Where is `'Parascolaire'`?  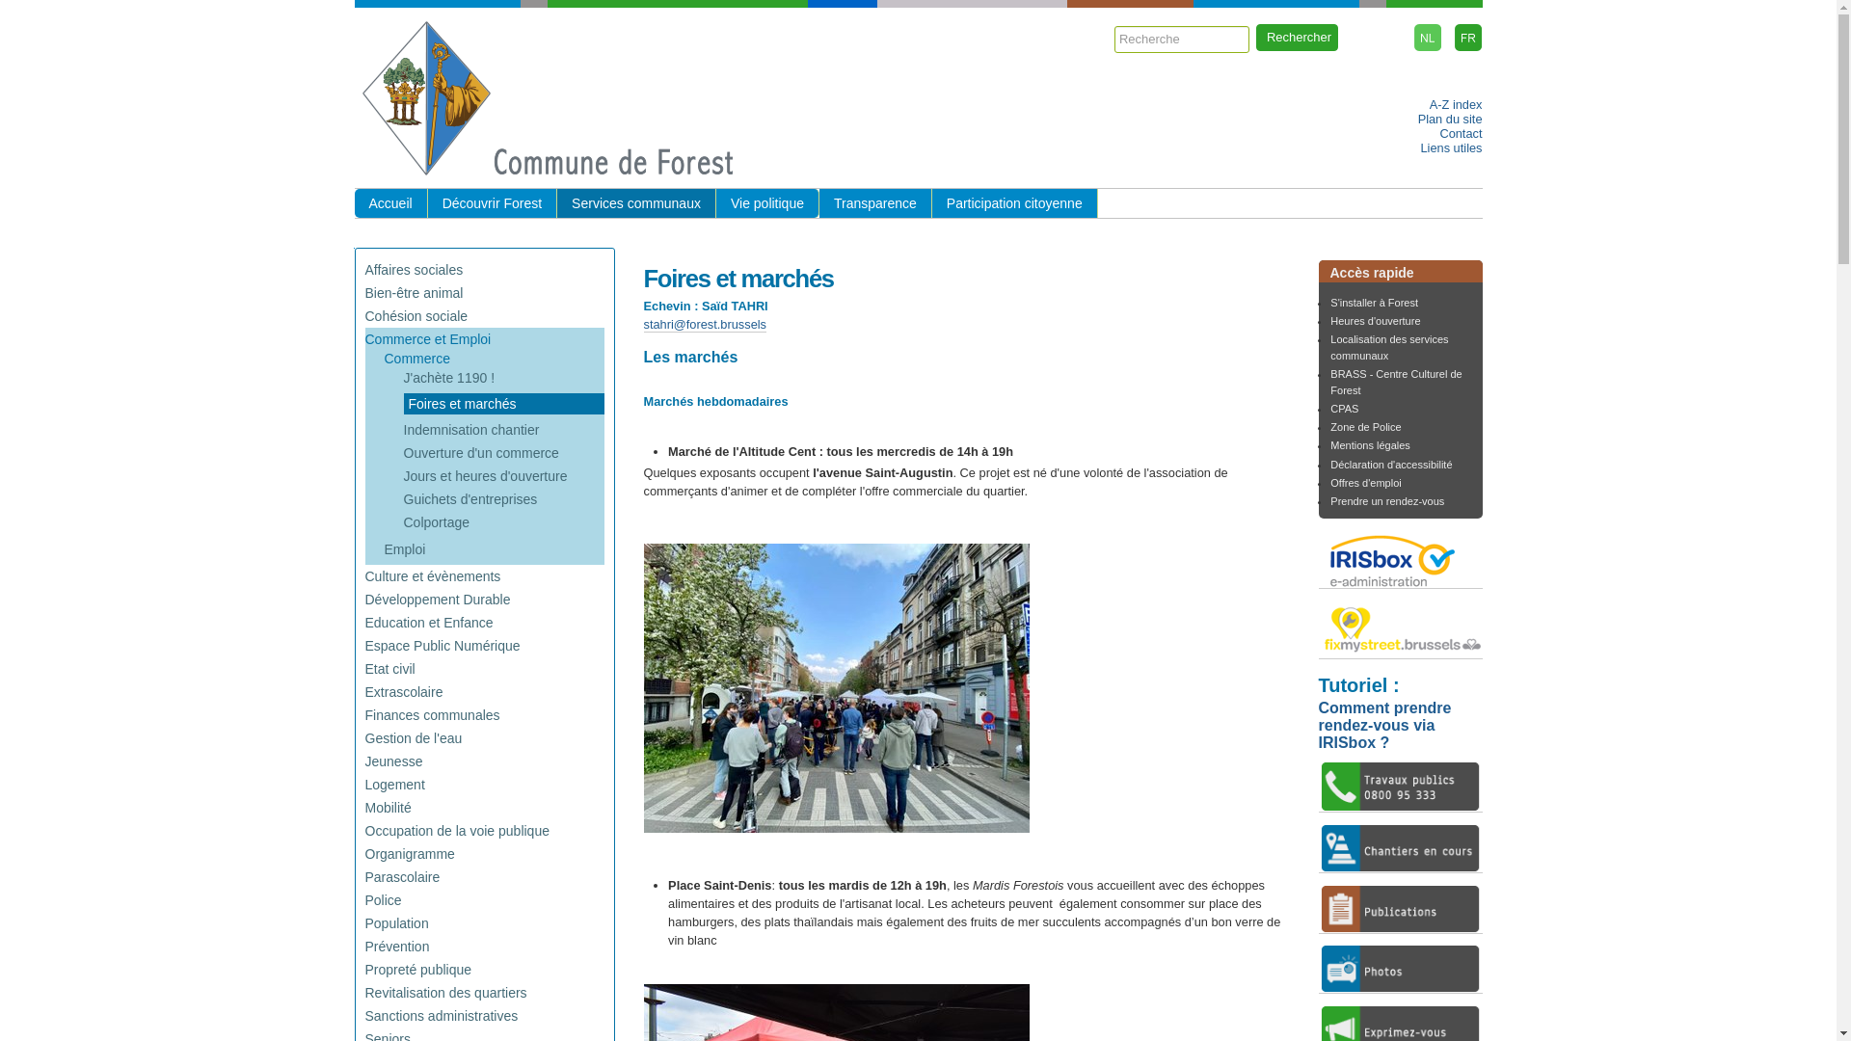 'Parascolaire' is located at coordinates (401, 877).